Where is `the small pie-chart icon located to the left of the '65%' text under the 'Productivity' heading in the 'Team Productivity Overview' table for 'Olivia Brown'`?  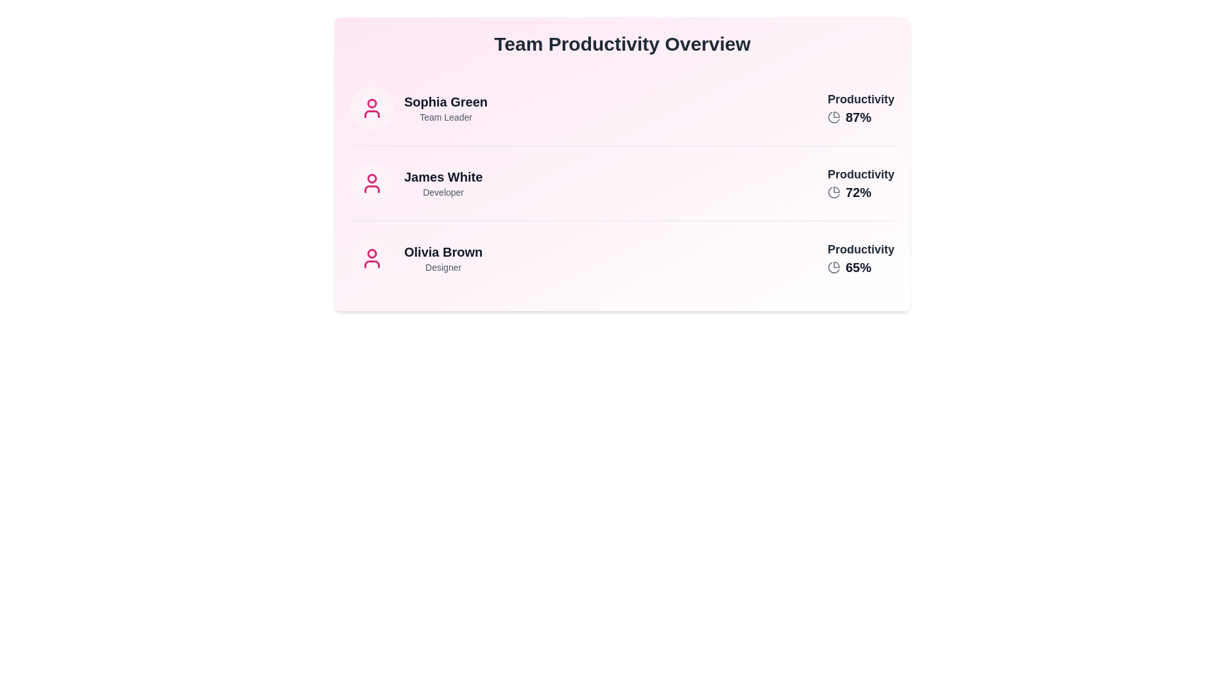 the small pie-chart icon located to the left of the '65%' text under the 'Productivity' heading in the 'Team Productivity Overview' table for 'Olivia Brown' is located at coordinates (834, 266).